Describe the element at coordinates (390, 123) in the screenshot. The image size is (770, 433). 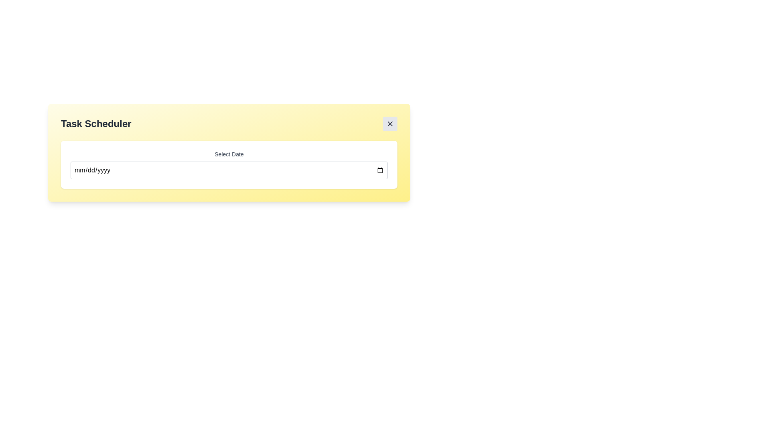
I see `the minimalistic close button with an 'X' icon located at the top-right corner of the 'Task Scheduler' interface` at that location.